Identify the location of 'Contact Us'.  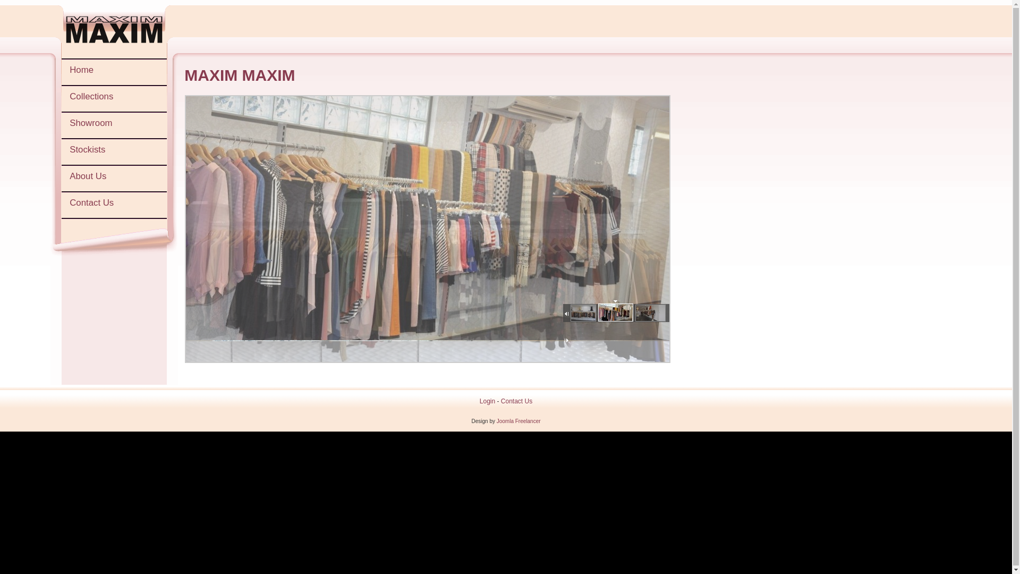
(516, 401).